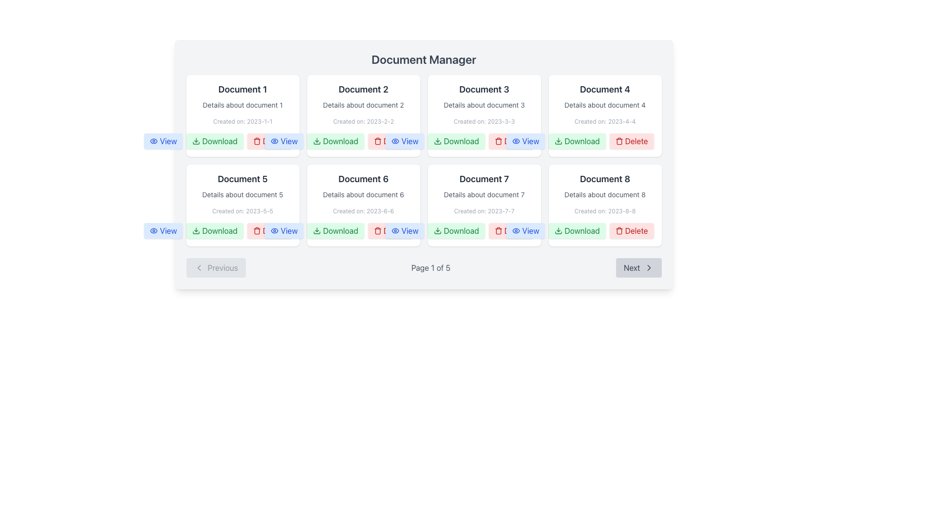  What do you see at coordinates (243, 179) in the screenshot?
I see `the static text label that identifies the document as 'Document 5' located in the center-left group box of the 'Document Manager'` at bounding box center [243, 179].